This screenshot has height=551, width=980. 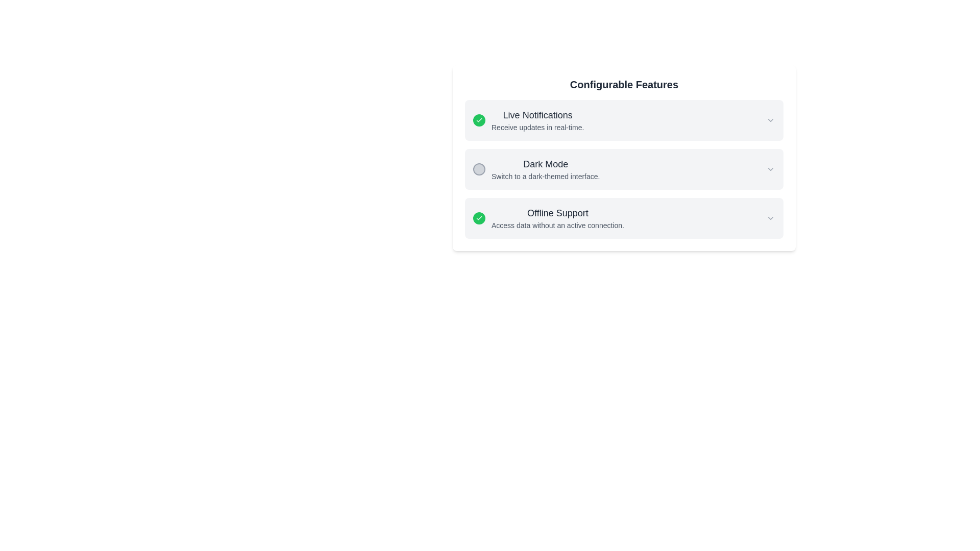 I want to click on the circular toggle button with a green background and white checkmark icon, located at the leftmost portion of the 'Live Notifications' row in the 'Configurable Features' section, so click(x=479, y=119).